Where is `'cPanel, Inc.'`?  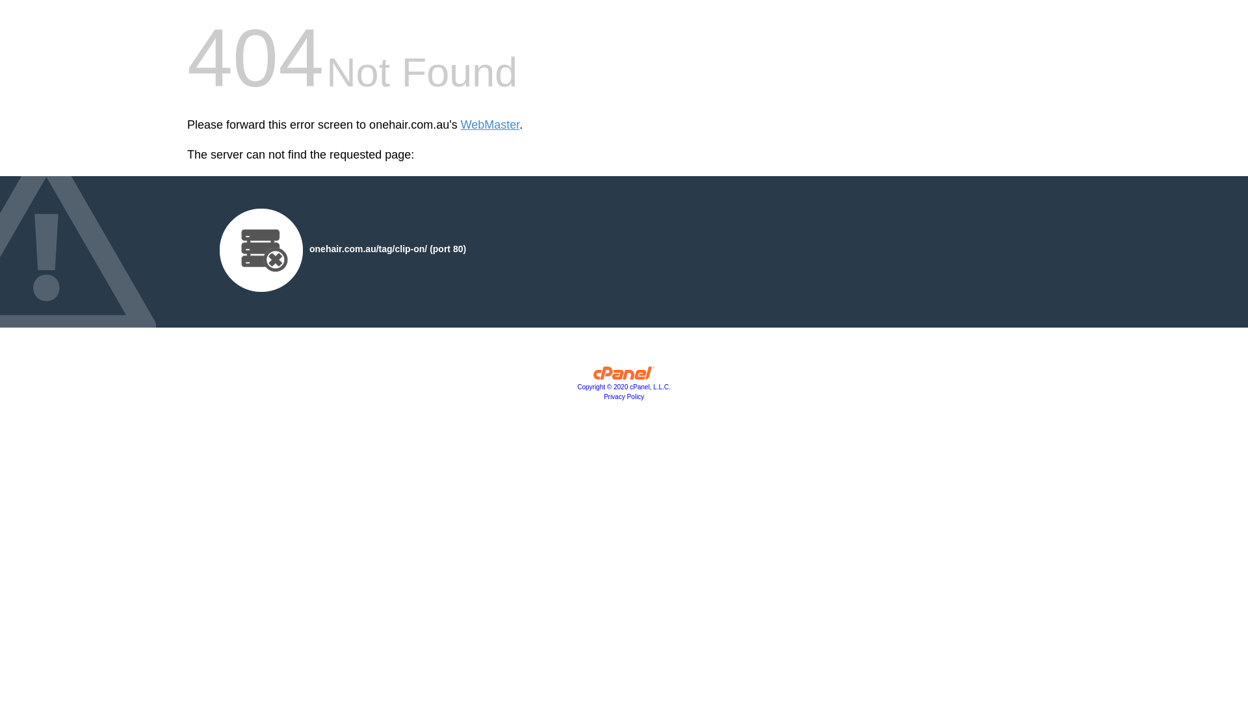
'cPanel, Inc.' is located at coordinates (624, 376).